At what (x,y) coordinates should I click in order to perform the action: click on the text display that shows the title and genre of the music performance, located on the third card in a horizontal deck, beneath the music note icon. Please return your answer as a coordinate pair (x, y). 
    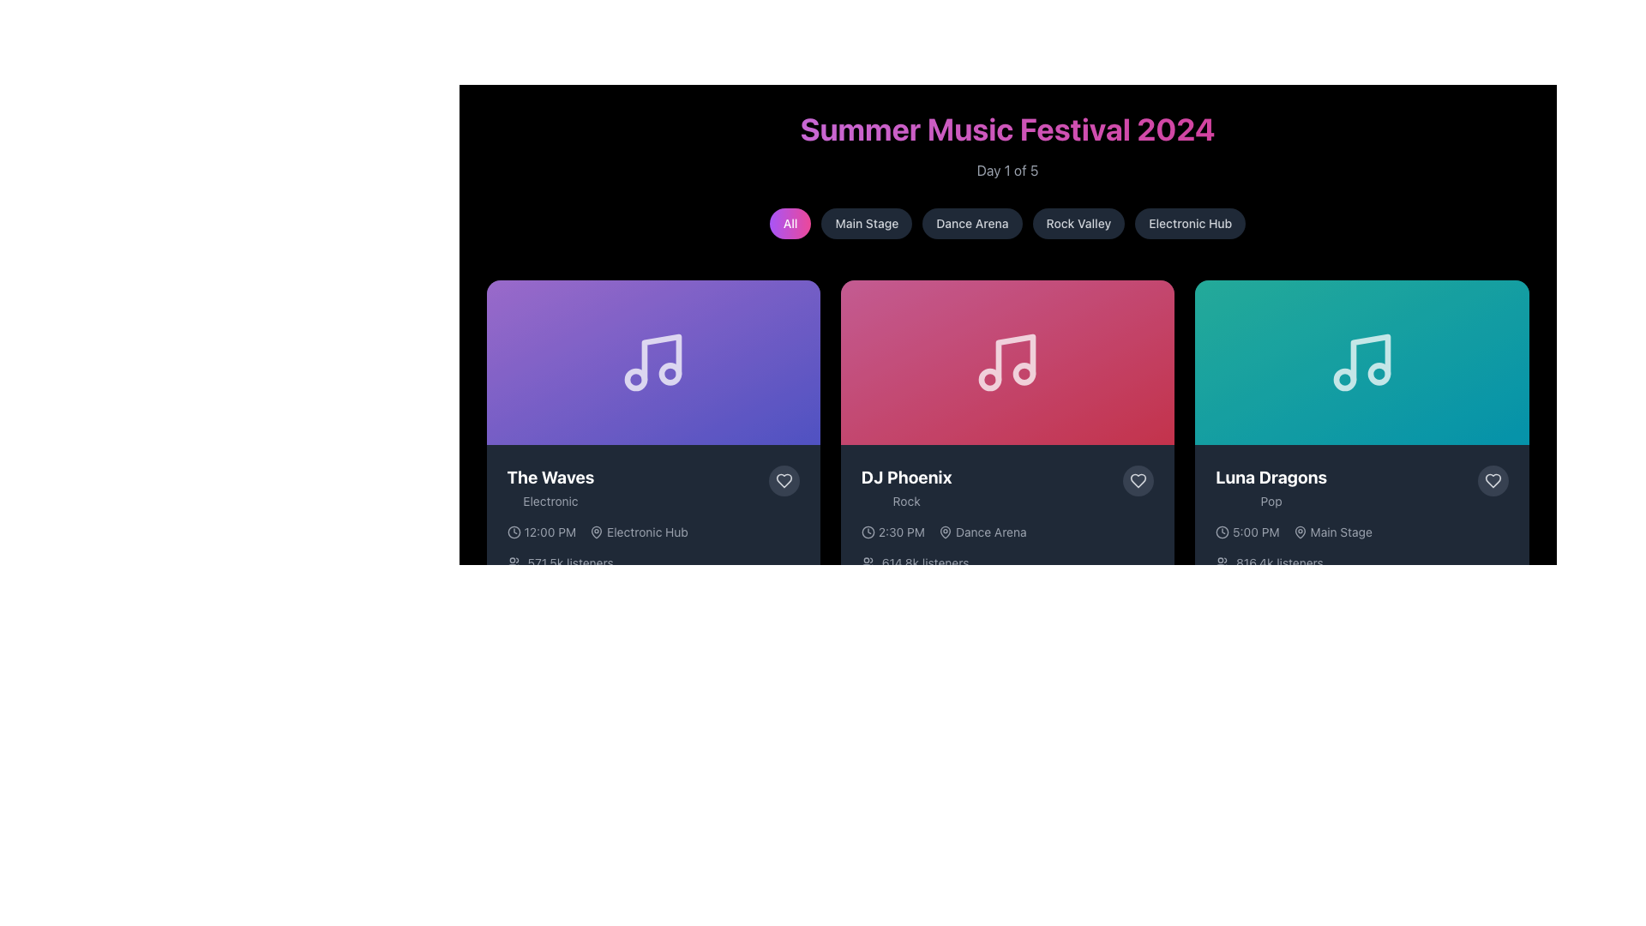
    Looking at the image, I should click on (1271, 488).